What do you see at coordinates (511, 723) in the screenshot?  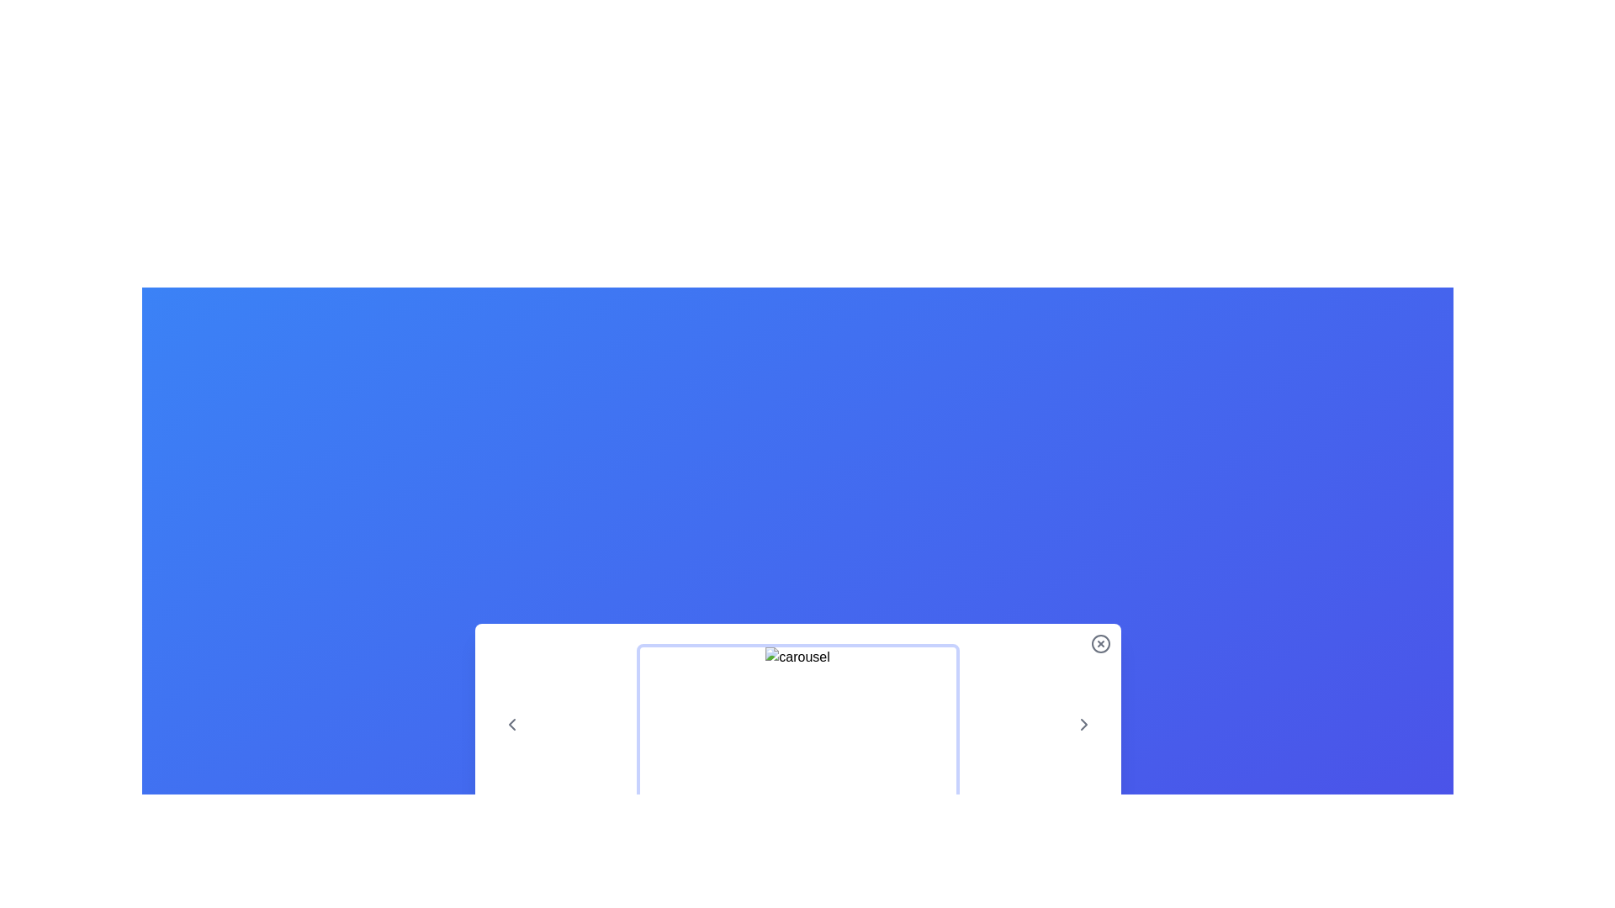 I see `the first interactive button in the navigation section` at bounding box center [511, 723].